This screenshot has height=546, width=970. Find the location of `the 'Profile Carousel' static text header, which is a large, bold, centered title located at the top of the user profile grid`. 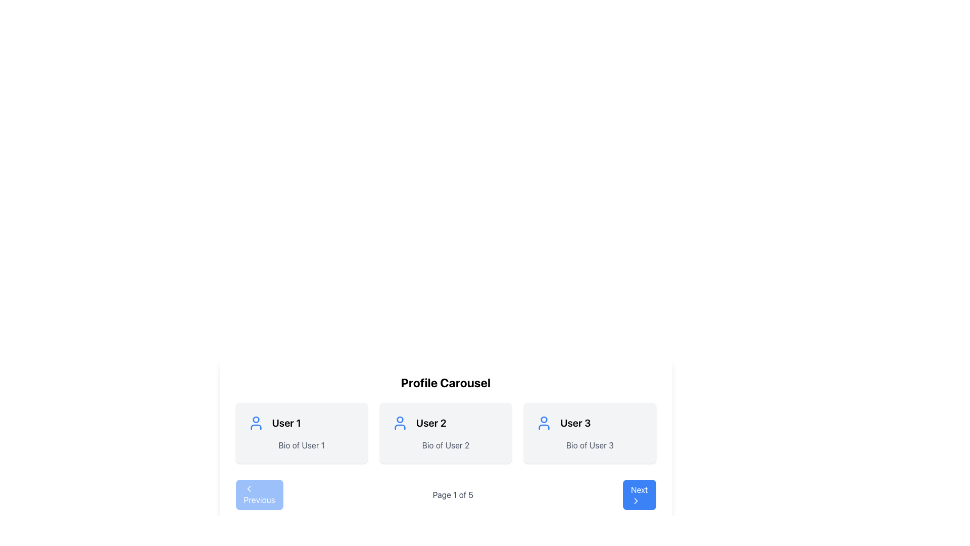

the 'Profile Carousel' static text header, which is a large, bold, centered title located at the top of the user profile grid is located at coordinates (445, 382).